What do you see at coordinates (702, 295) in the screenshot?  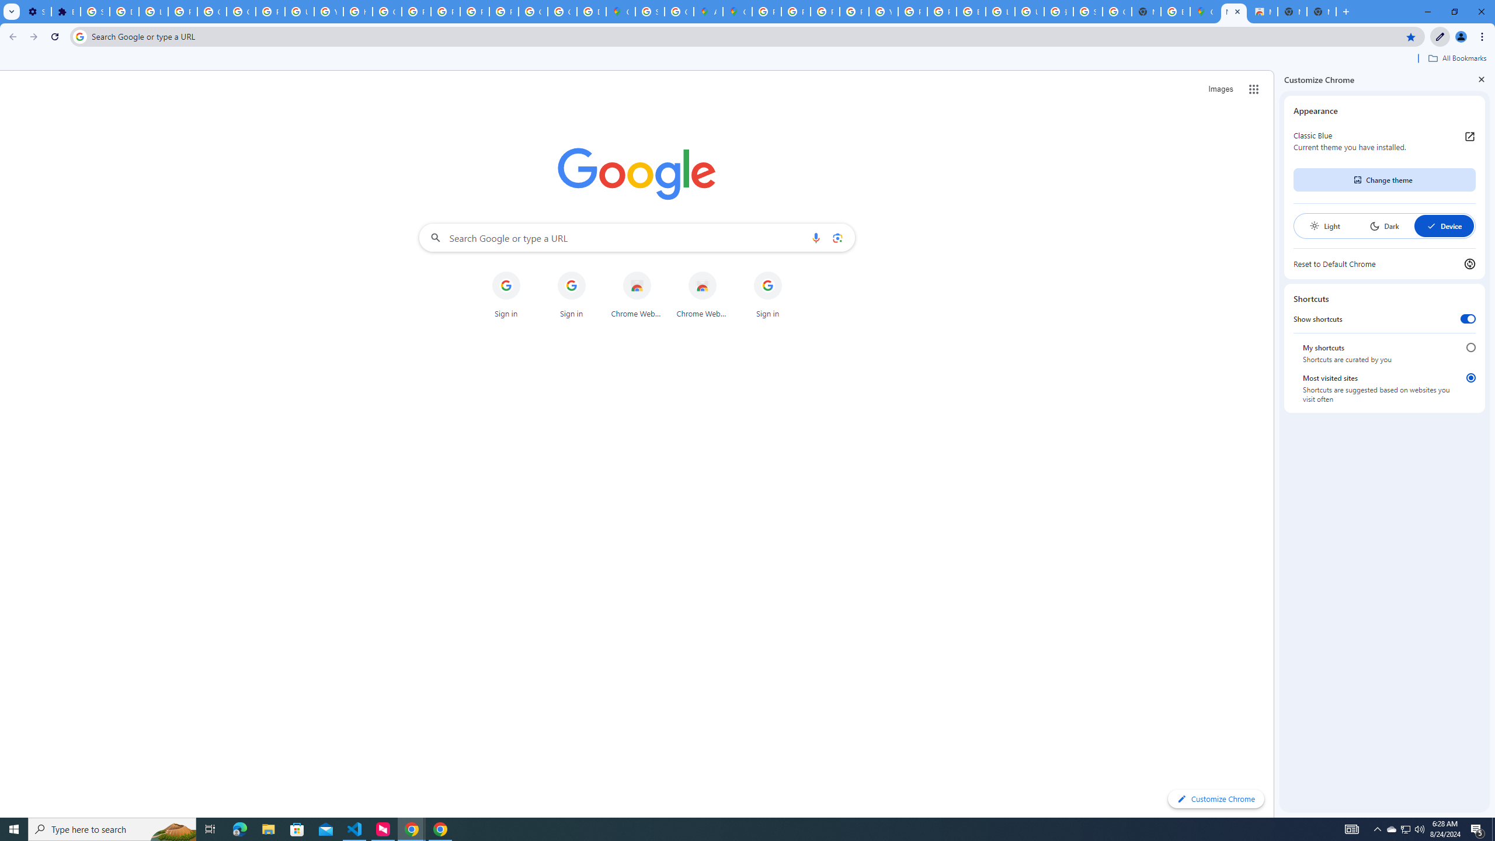 I see `'Chrome Web Store'` at bounding box center [702, 295].